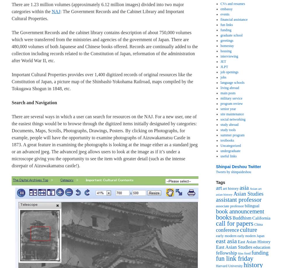 This screenshot has height=268, width=286. What do you see at coordinates (226, 51) in the screenshot?
I see `'housing'` at bounding box center [226, 51].